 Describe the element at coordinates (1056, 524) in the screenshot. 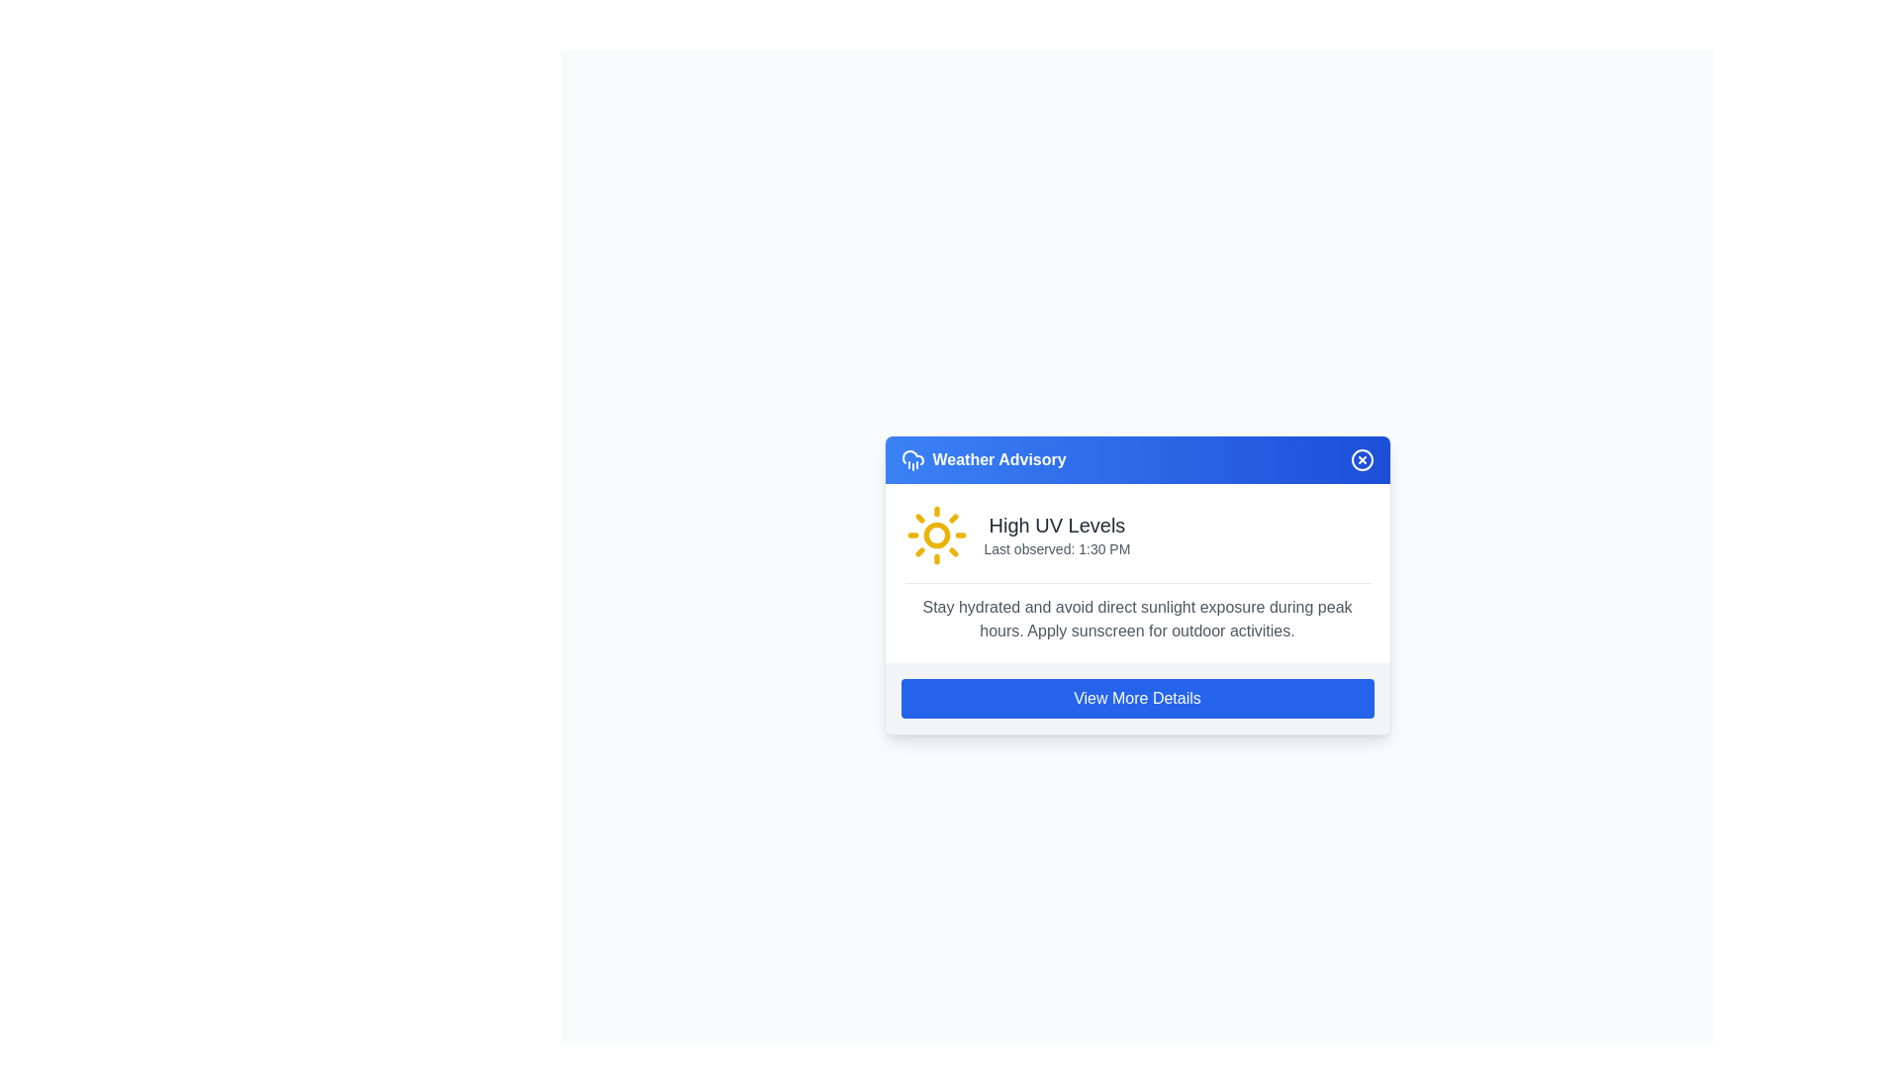

I see `the Text label indicating UV levels within the weather advisory panel, positioned slightly to the right of the center and above the smaller text 'Last observed: 1:30 PM'` at that location.